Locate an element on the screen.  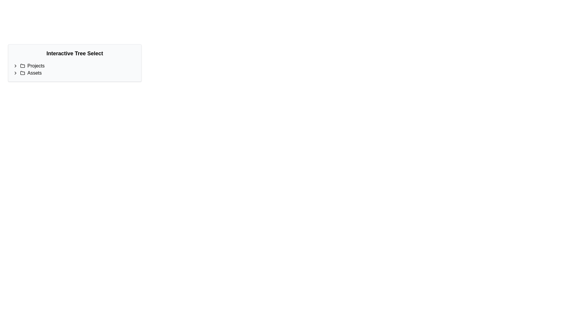
the 'Assets' text label in the collapsible tree structure is located at coordinates (34, 73).